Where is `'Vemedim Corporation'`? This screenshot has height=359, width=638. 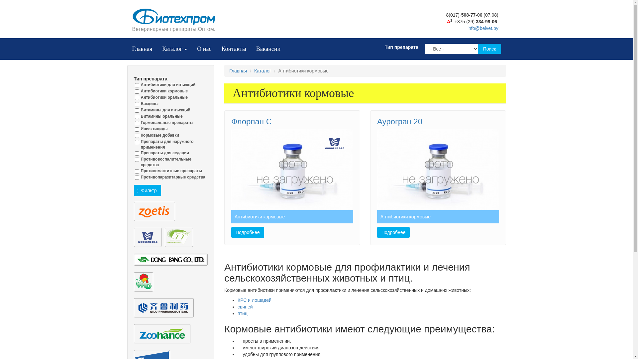 'Vemedim Corporation' is located at coordinates (143, 282).